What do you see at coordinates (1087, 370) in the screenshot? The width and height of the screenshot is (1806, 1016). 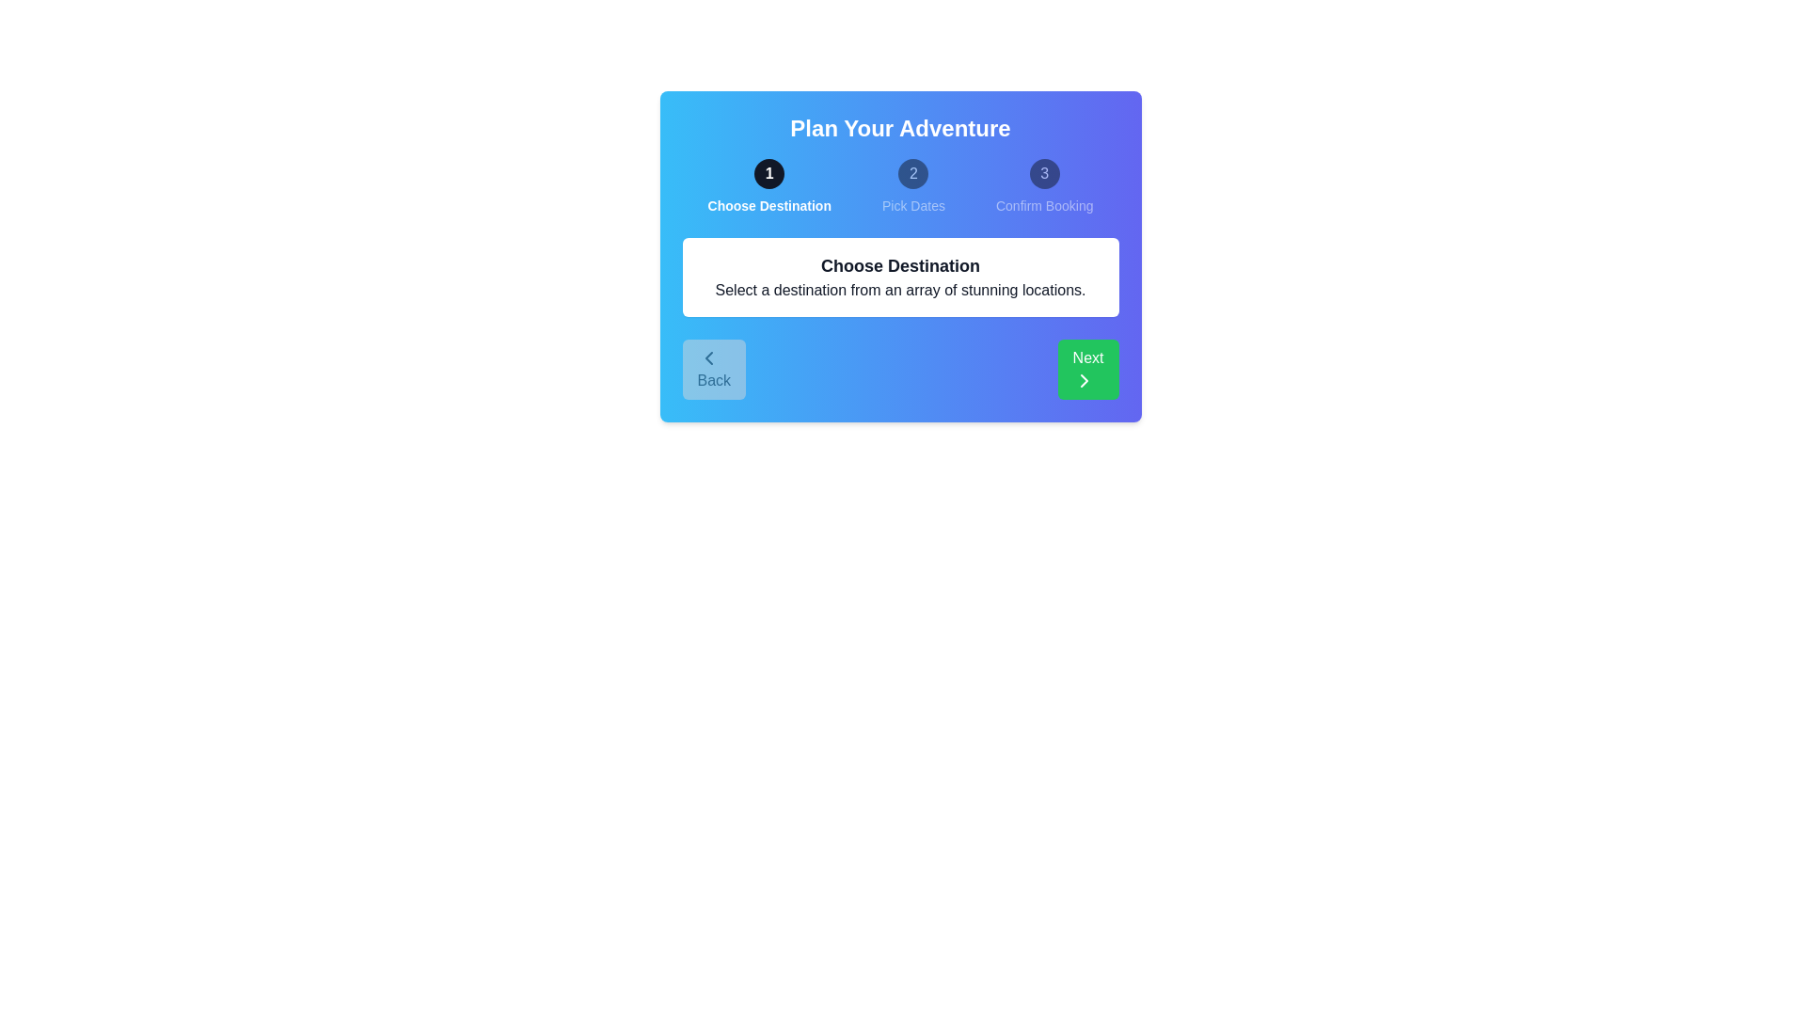 I see `the 'Next' button to navigate to the next stage` at bounding box center [1087, 370].